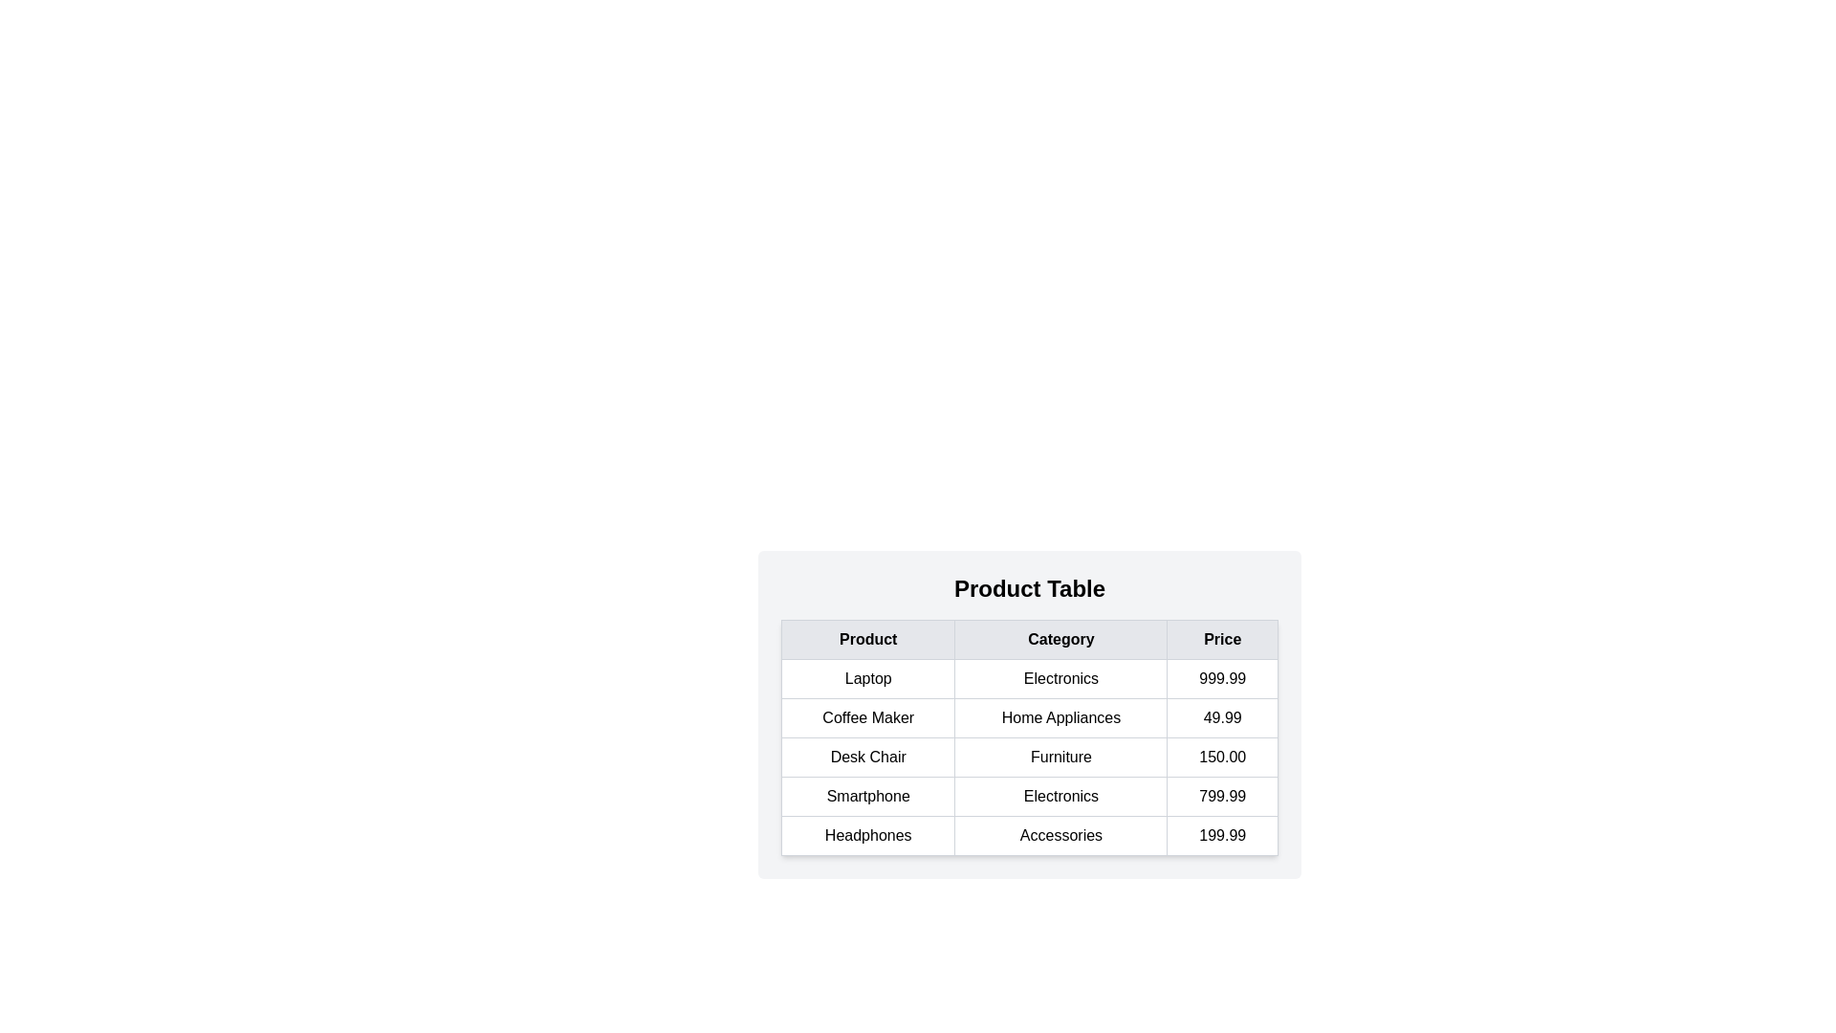 Image resolution: width=1836 pixels, height=1033 pixels. What do you see at coordinates (1028, 797) in the screenshot?
I see `the fourth row in the table containing the text 'Smartphone' in the first cell, 'Electronics' in the second cell, and '799.99' in the third cell` at bounding box center [1028, 797].